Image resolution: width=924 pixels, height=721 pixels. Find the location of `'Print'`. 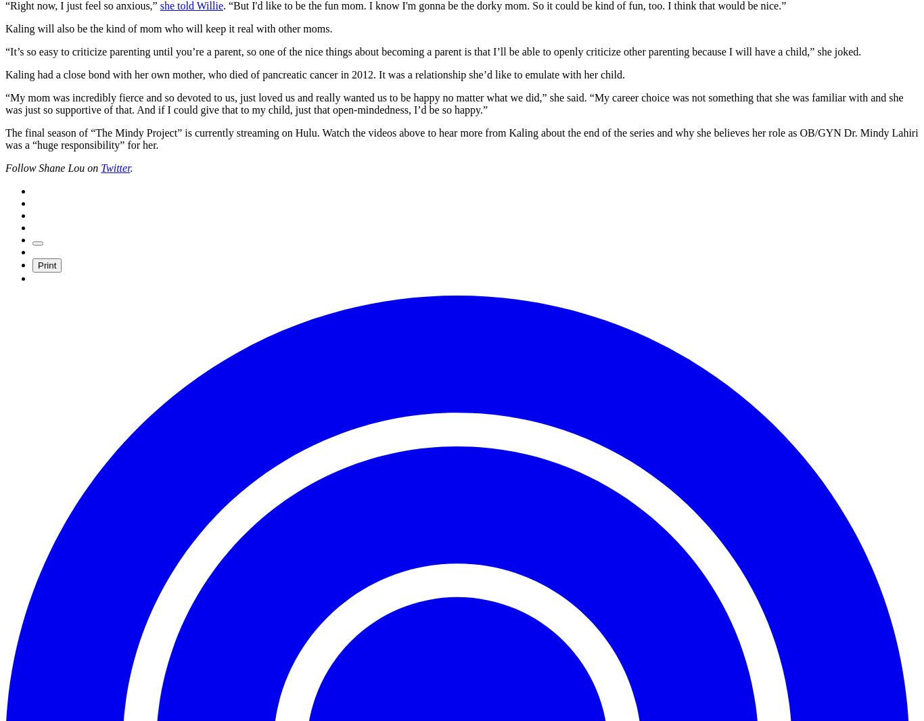

'Print' is located at coordinates (47, 265).